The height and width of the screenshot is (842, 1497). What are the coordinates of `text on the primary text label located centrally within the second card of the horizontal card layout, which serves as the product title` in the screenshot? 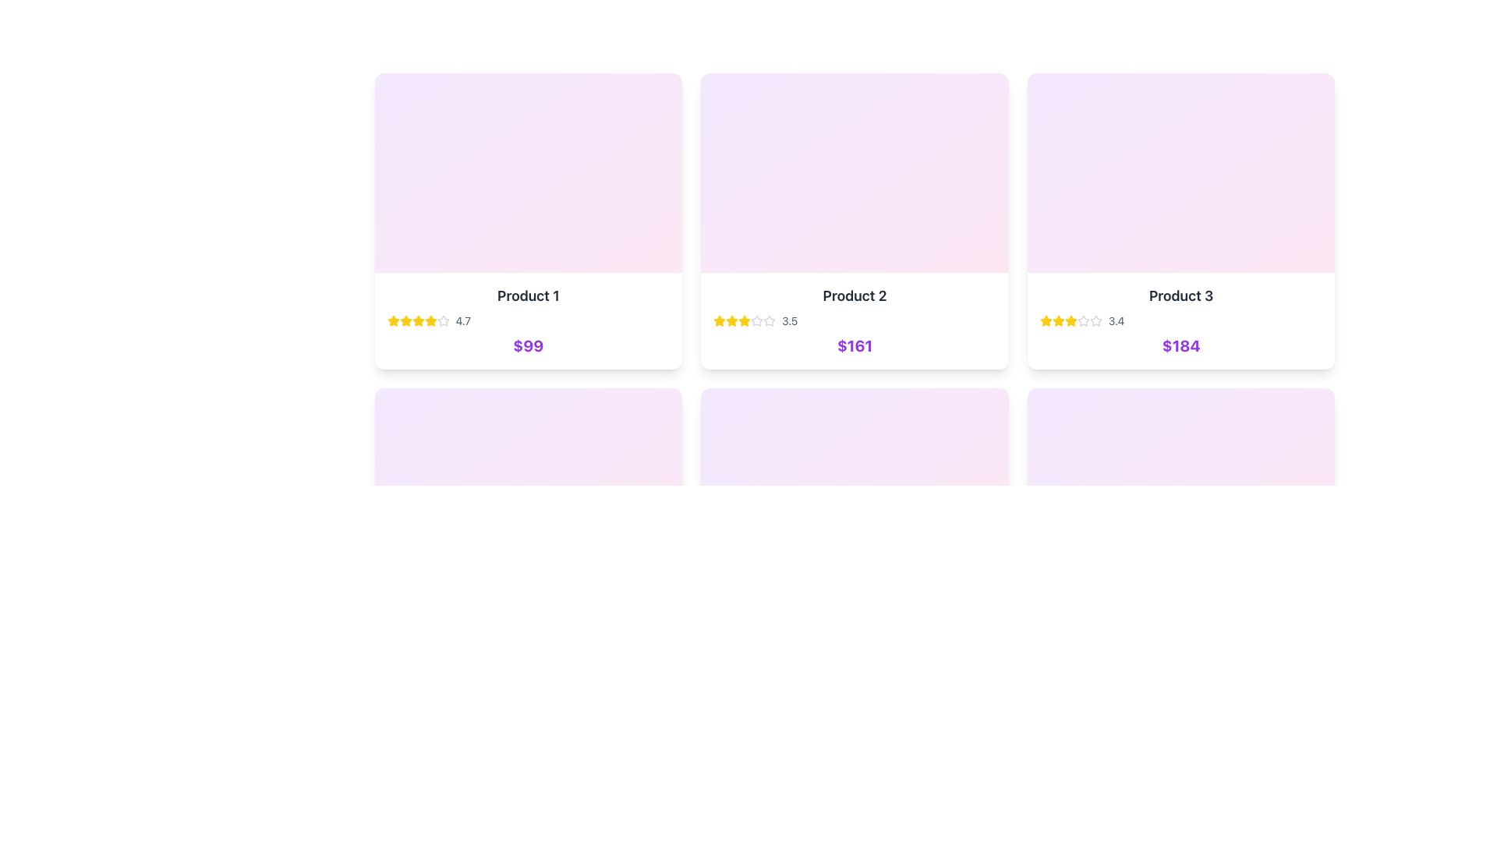 It's located at (854, 296).